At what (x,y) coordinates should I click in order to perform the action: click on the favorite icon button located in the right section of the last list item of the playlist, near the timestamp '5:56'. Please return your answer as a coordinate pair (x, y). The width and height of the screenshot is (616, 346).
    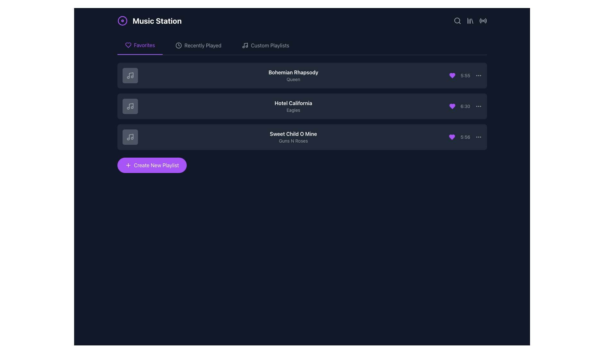
    Looking at the image, I should click on (452, 137).